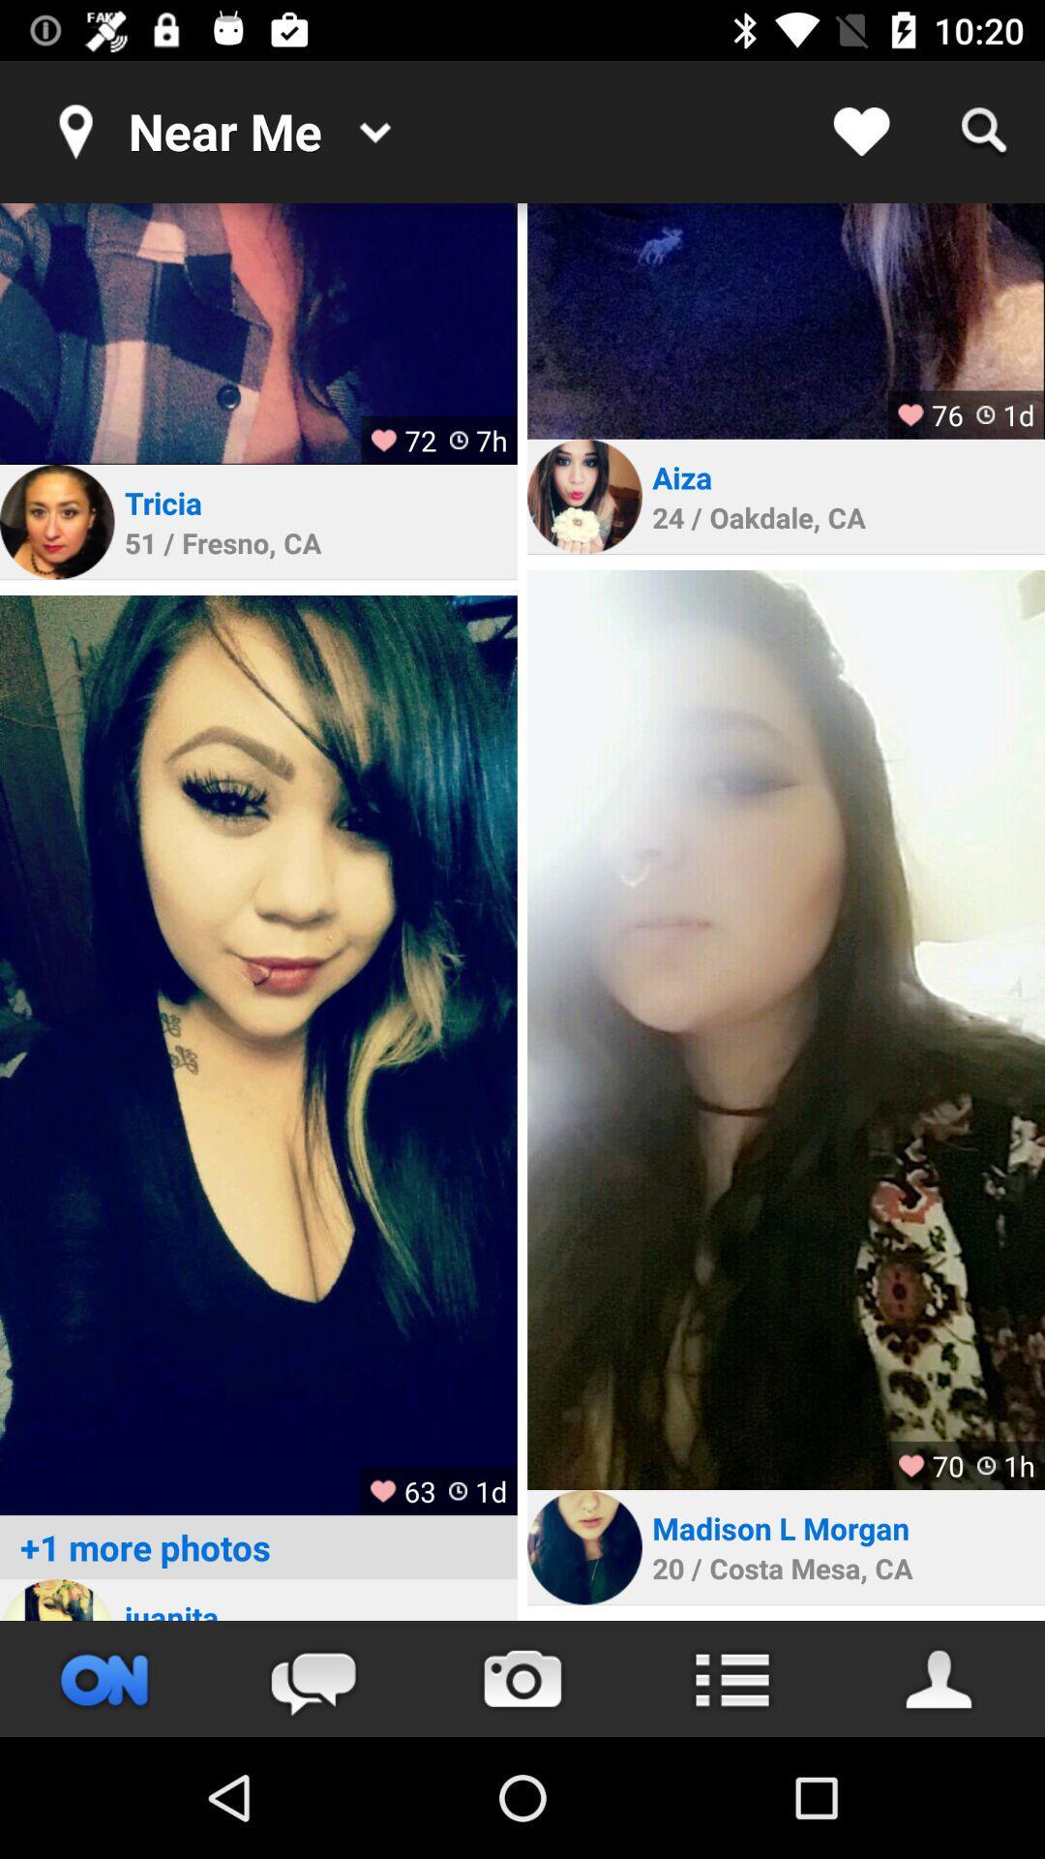  What do you see at coordinates (940, 1678) in the screenshot?
I see `save` at bounding box center [940, 1678].